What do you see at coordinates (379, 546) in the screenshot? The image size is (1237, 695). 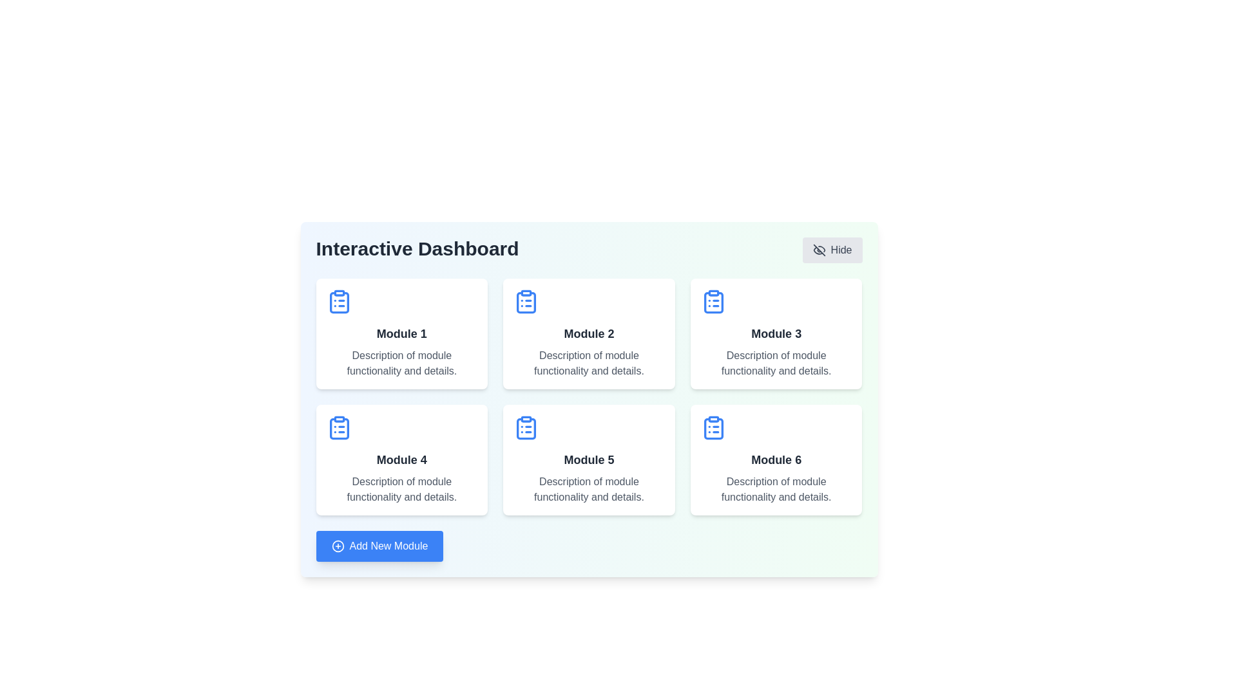 I see `the button located at the bottom of the main dashboard interface` at bounding box center [379, 546].